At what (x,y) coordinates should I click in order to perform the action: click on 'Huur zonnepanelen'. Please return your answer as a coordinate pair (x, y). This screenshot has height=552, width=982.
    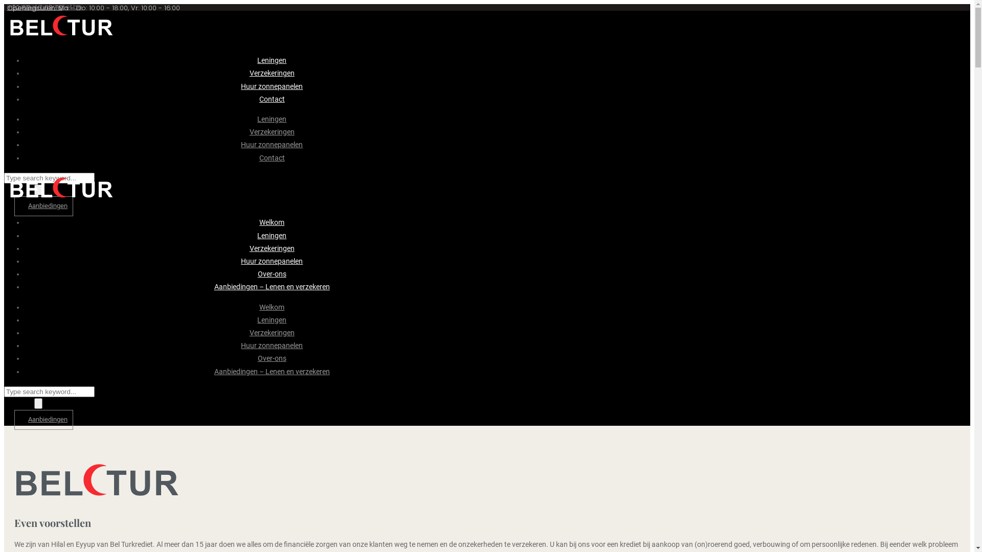
    Looking at the image, I should click on (272, 86).